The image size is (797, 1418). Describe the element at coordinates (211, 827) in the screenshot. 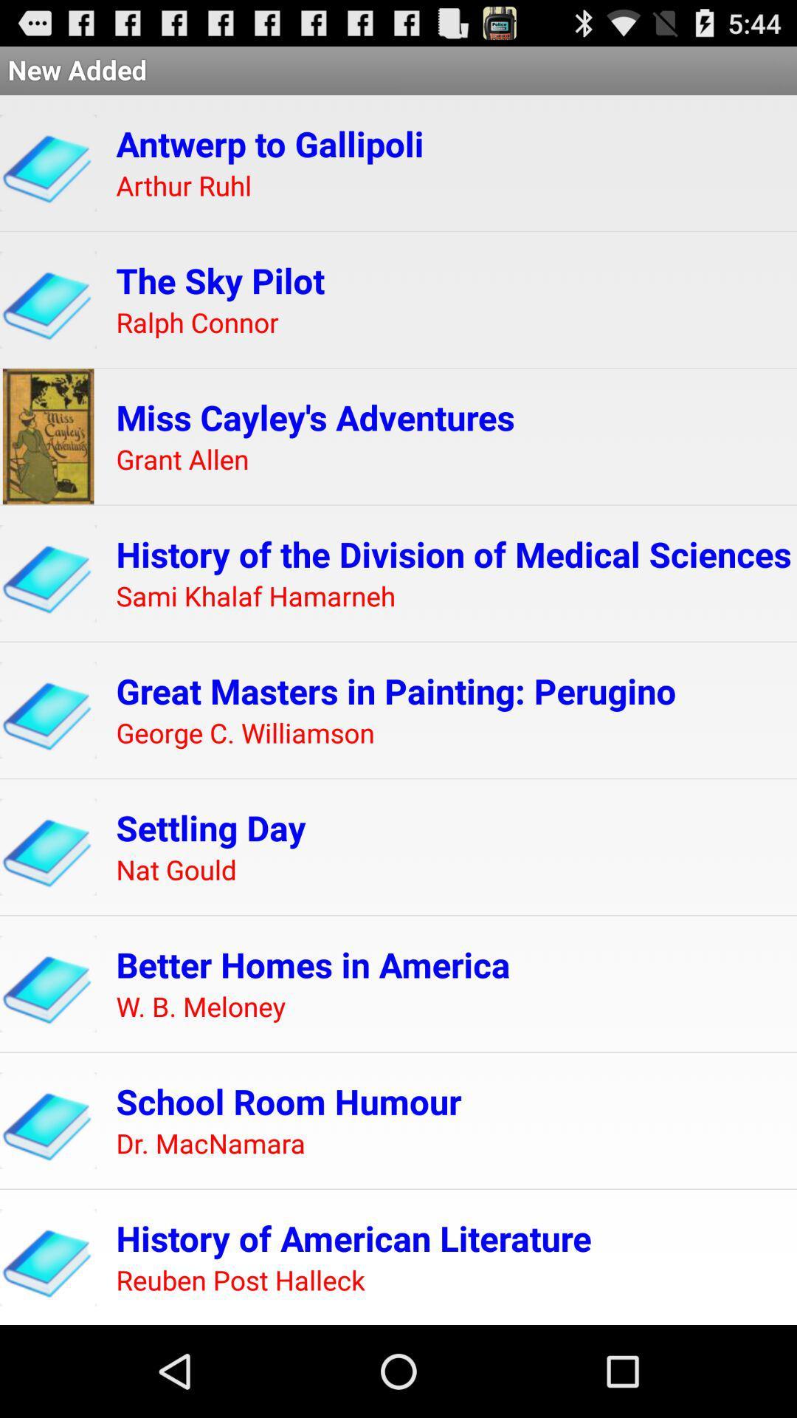

I see `icon above the nat gould item` at that location.